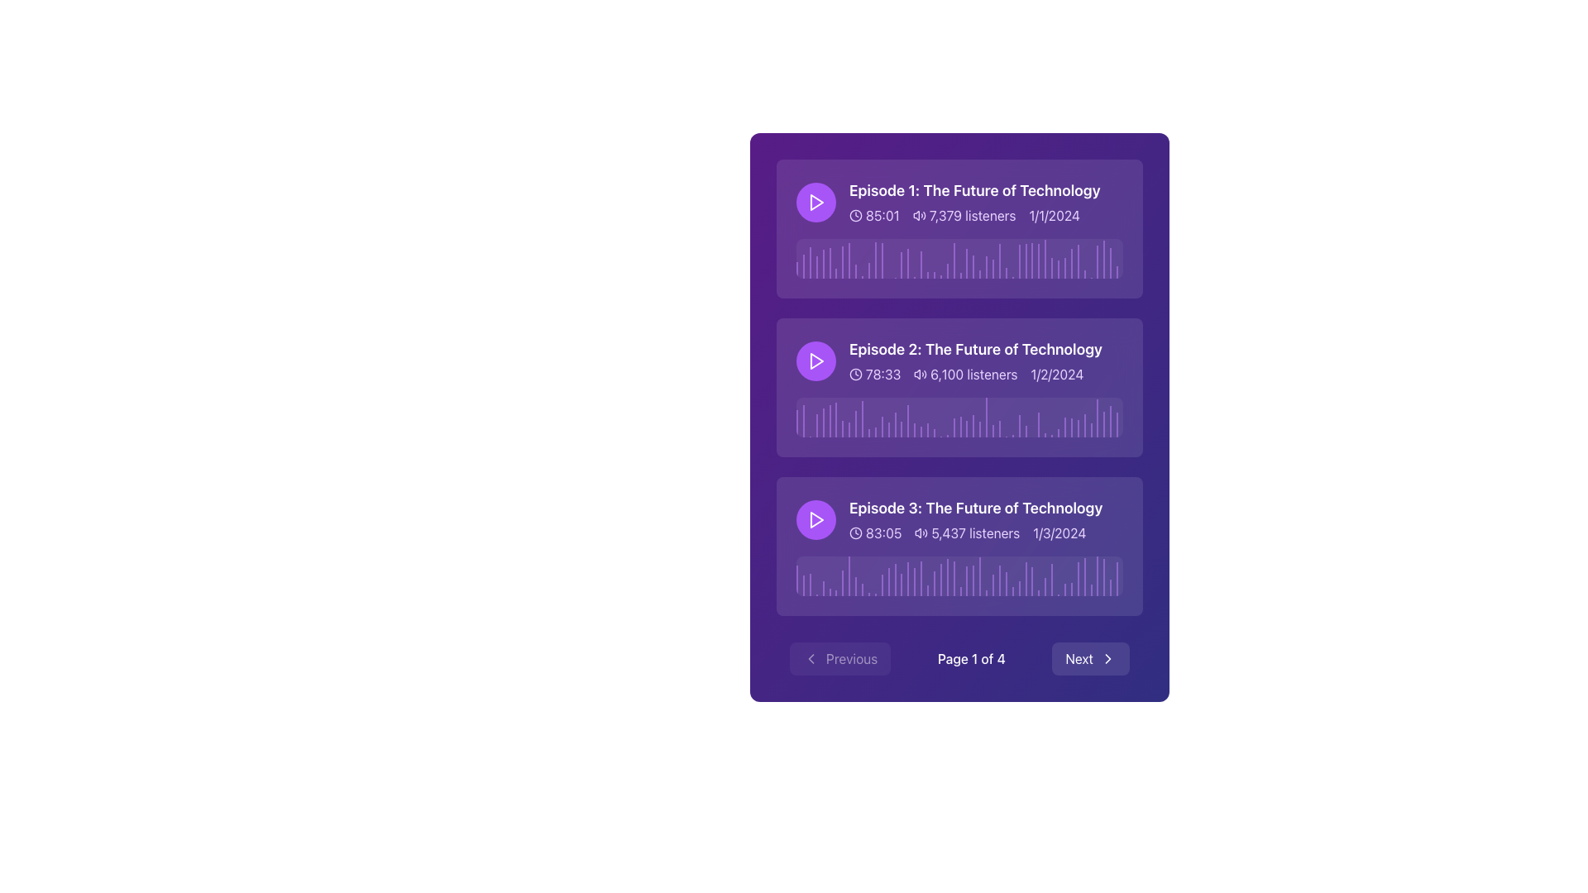 The image size is (1588, 893). I want to click on the 15th vertical progress marker line, which has a purple semi-transparent background, within the audio episode's playback widget, so click(887, 580).